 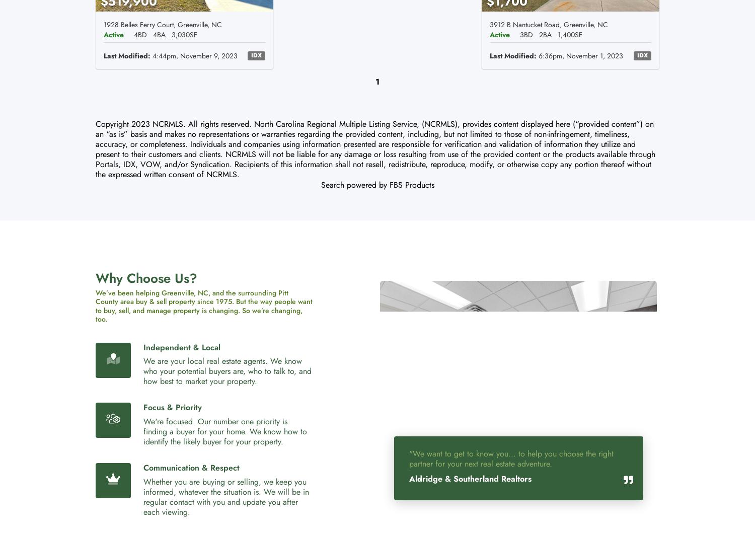 What do you see at coordinates (545, 33) in the screenshot?
I see `'2BA'` at bounding box center [545, 33].